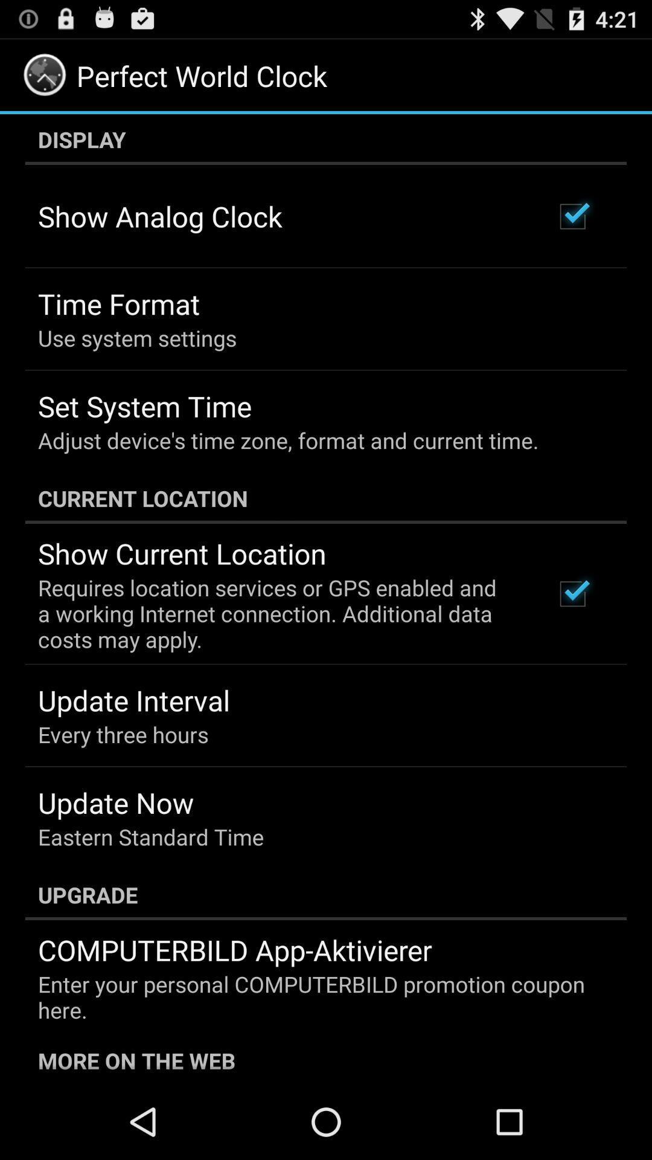  I want to click on the icon below time format item, so click(136, 338).